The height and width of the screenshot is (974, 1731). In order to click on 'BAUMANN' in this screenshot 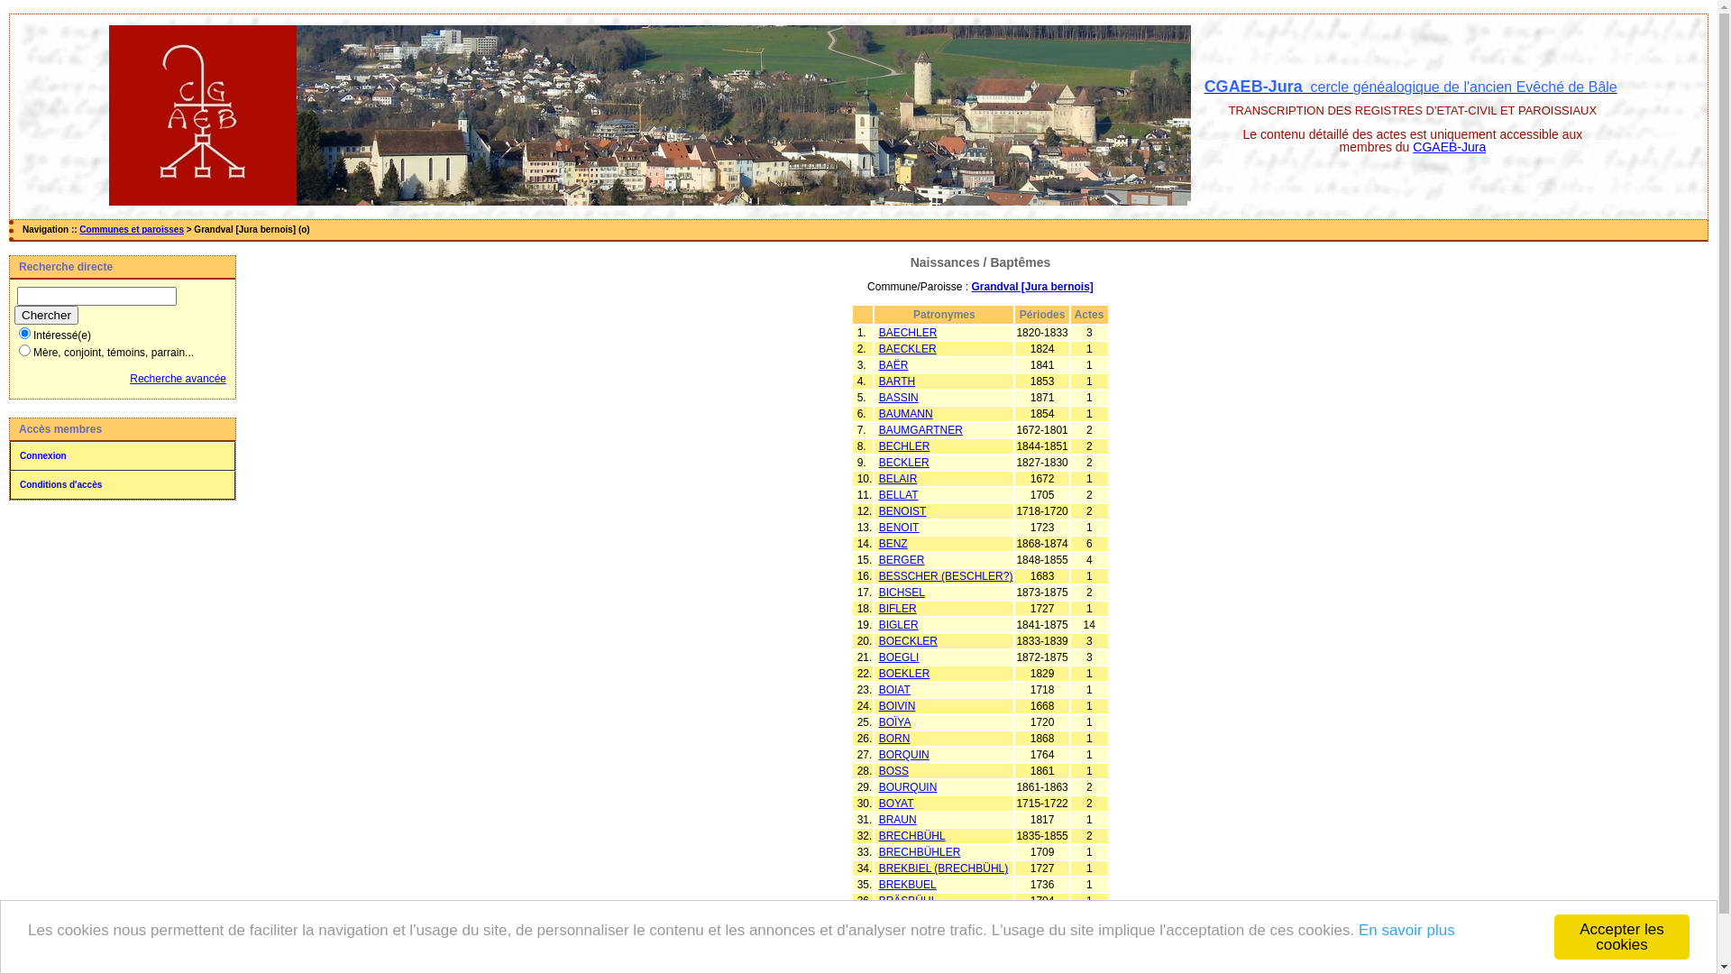, I will do `click(878, 414)`.